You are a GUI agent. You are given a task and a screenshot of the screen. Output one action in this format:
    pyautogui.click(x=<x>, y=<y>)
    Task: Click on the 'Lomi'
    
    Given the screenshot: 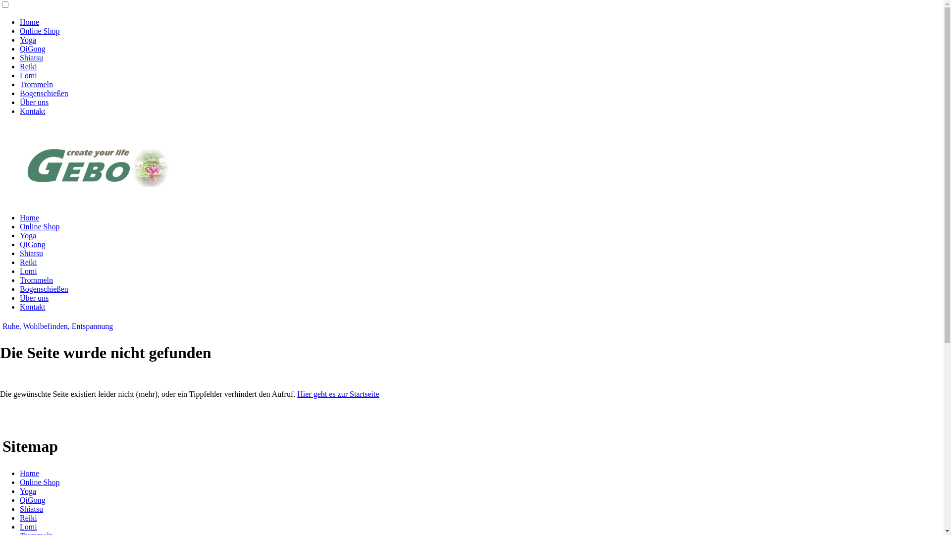 What is the action you would take?
    pyautogui.click(x=19, y=526)
    